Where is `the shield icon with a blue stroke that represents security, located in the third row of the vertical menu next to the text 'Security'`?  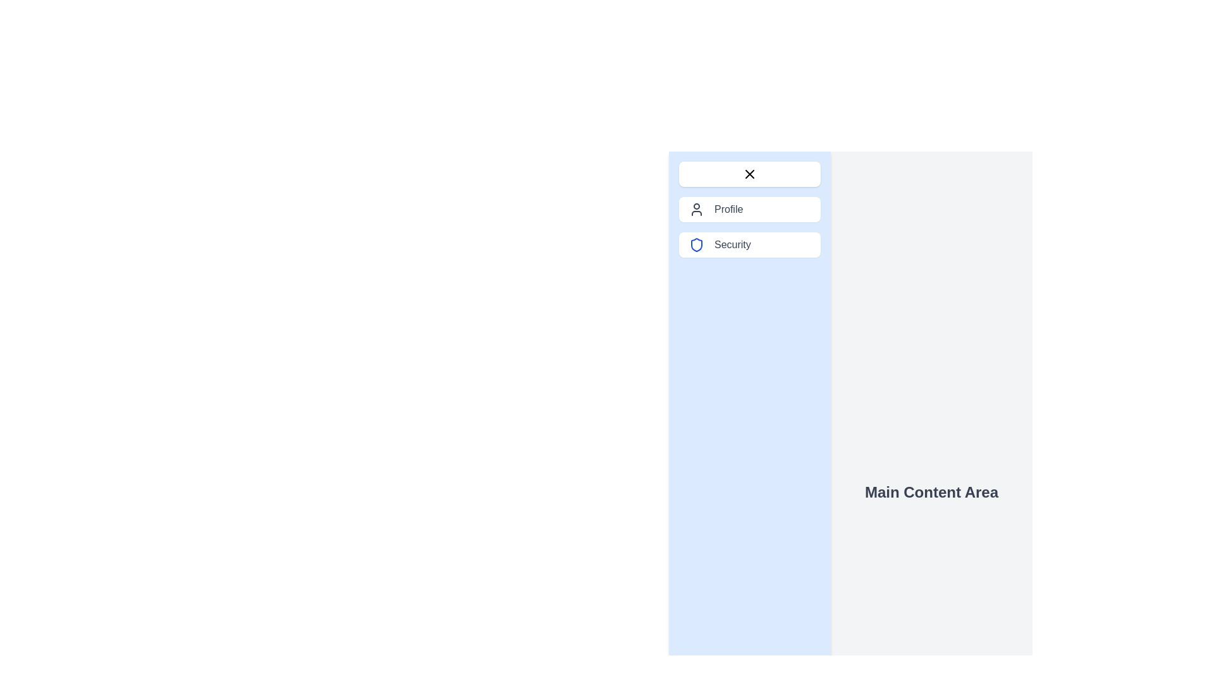
the shield icon with a blue stroke that represents security, located in the third row of the vertical menu next to the text 'Security' is located at coordinates (696, 245).